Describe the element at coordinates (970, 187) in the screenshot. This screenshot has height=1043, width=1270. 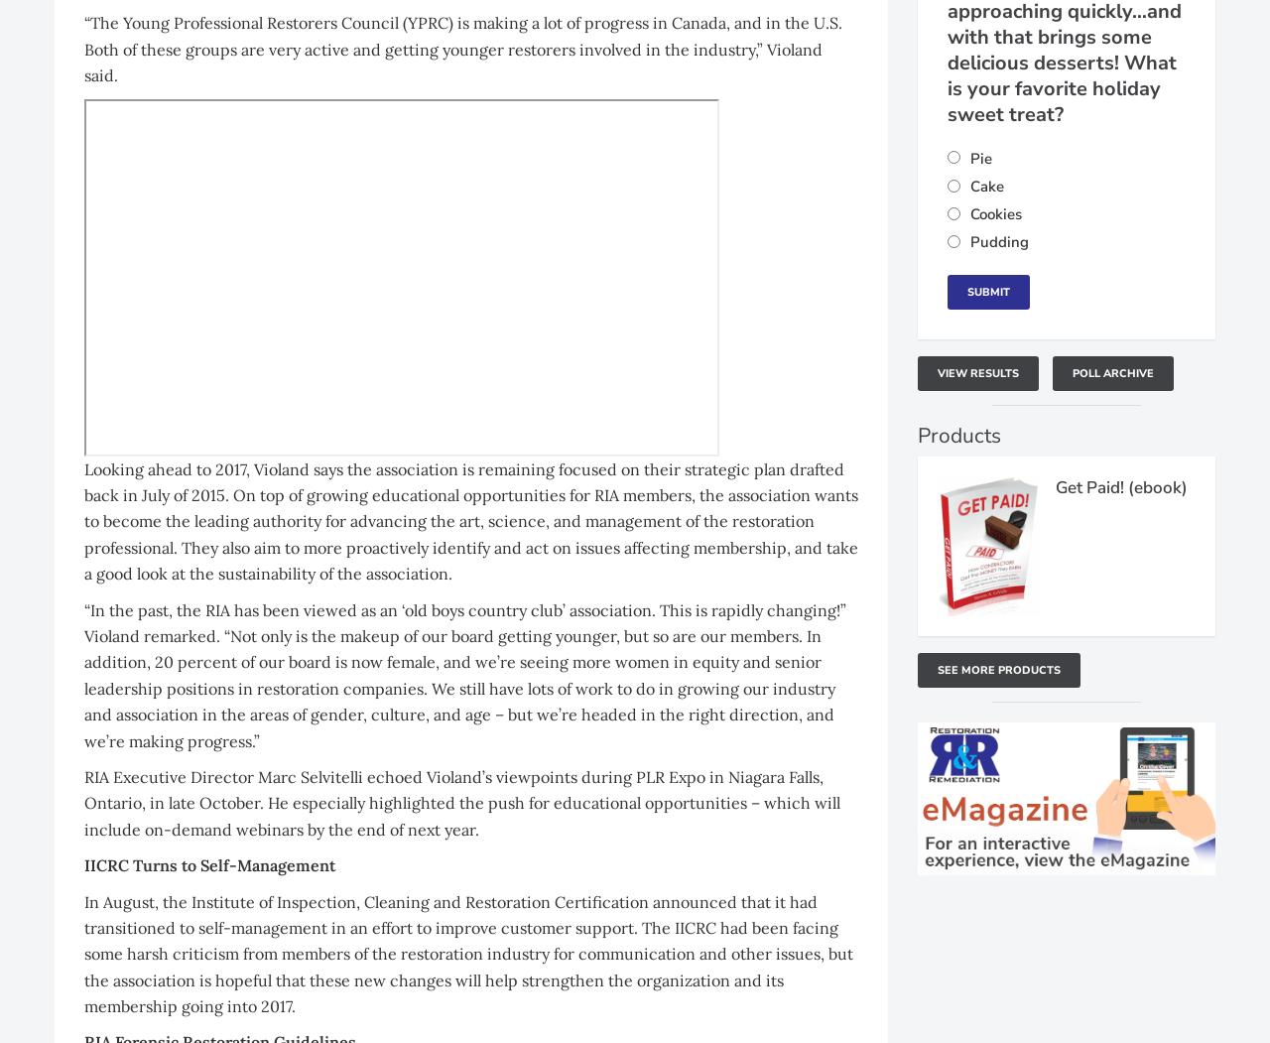
I see `'Cake'` at that location.